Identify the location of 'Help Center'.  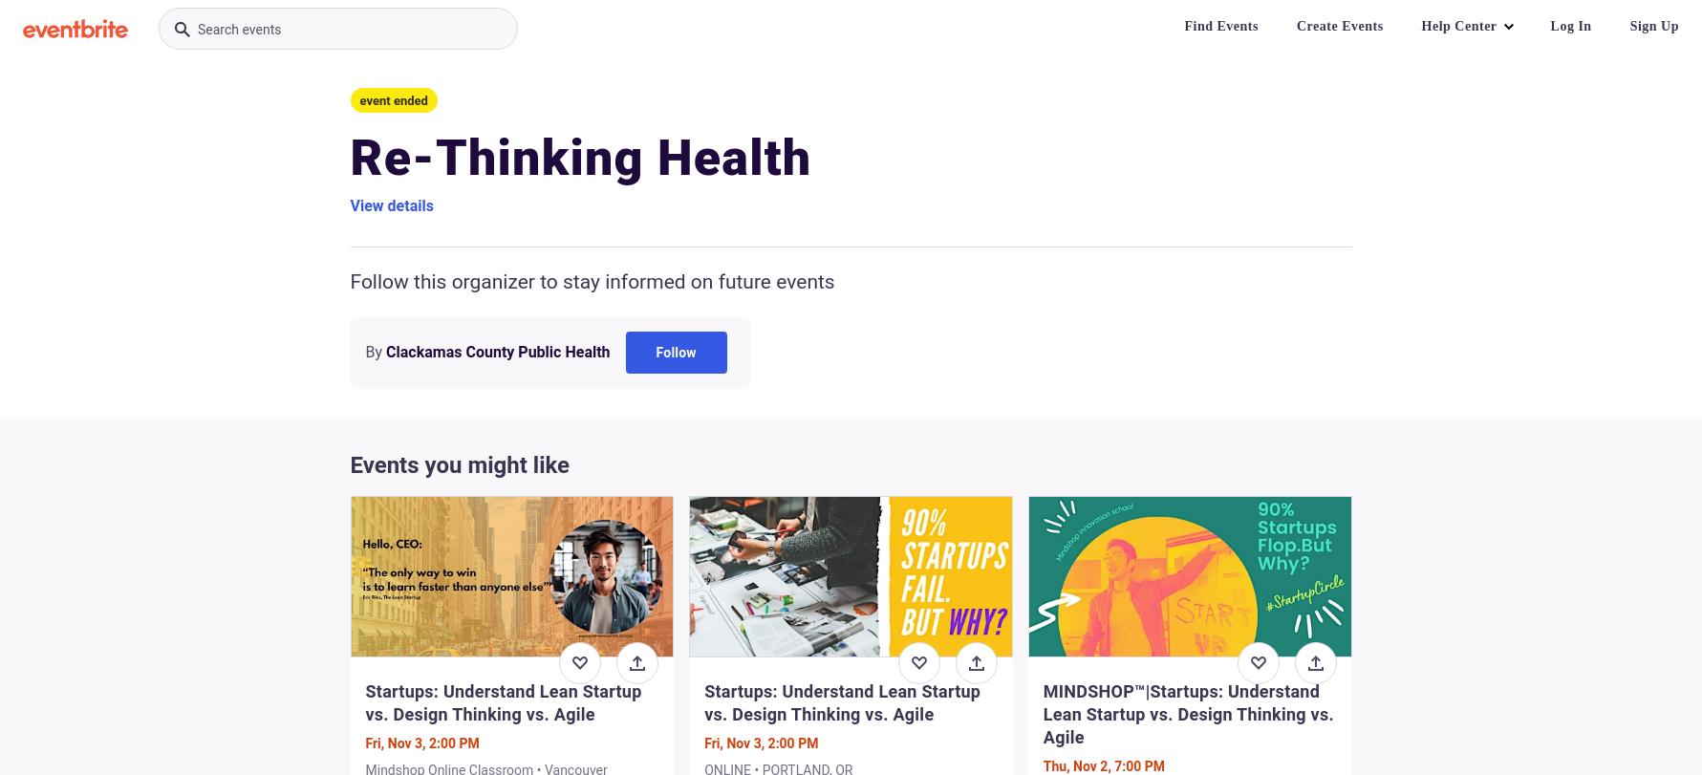
(1458, 26).